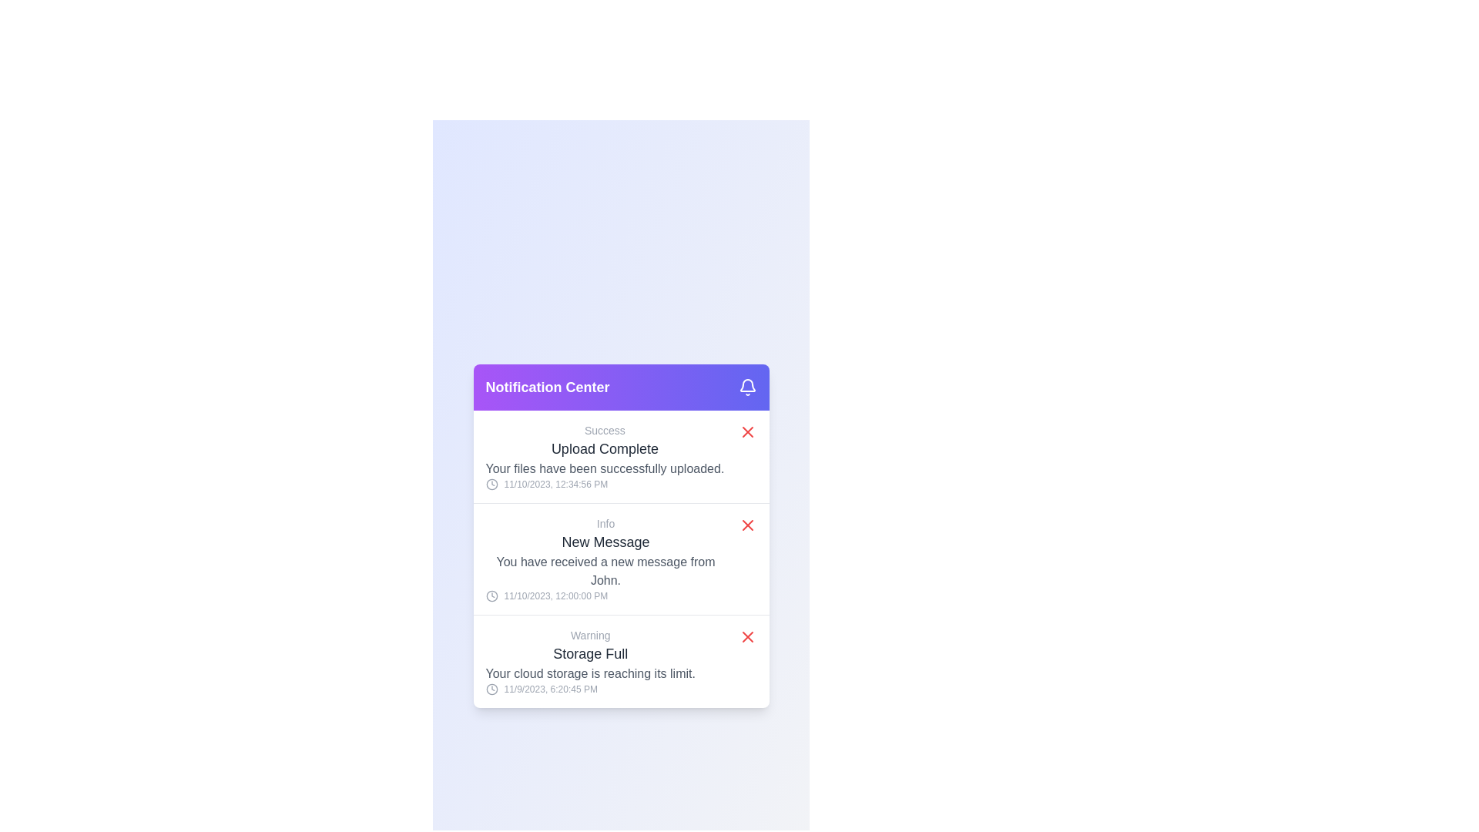 This screenshot has height=832, width=1479. I want to click on the 'New Message' text label, which is prominently displayed in a larger, bold gray font within the notification card, so click(605, 542).